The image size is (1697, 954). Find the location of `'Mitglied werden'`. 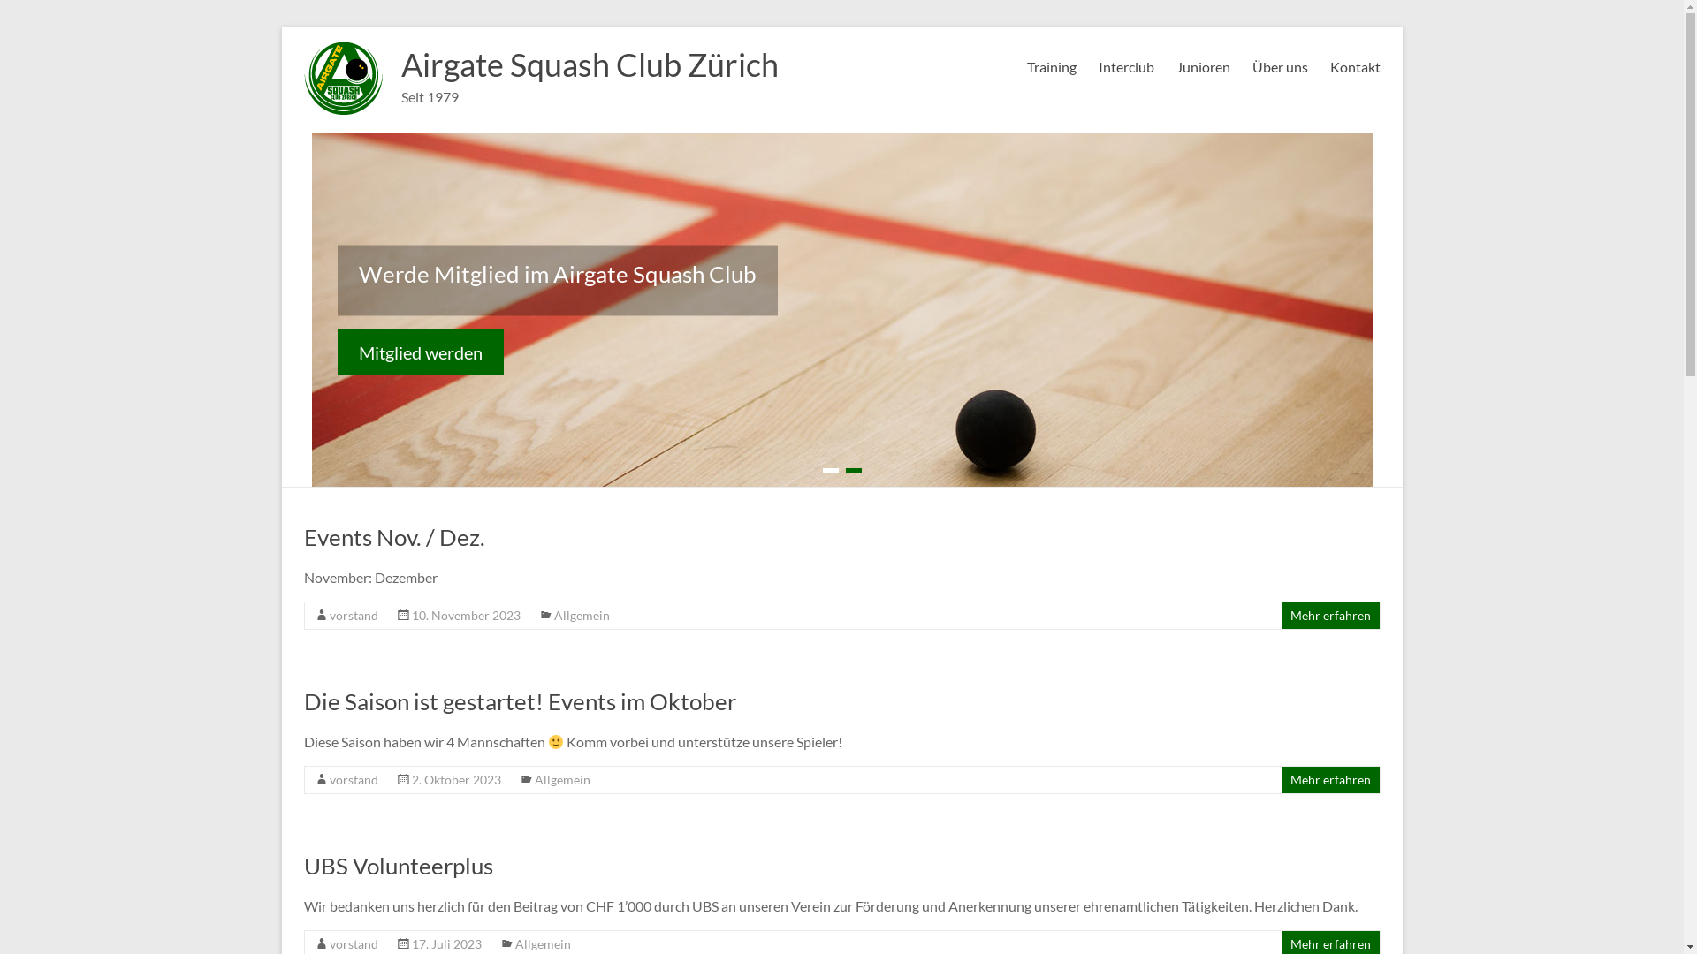

'Mitglied werden' is located at coordinates (338, 351).